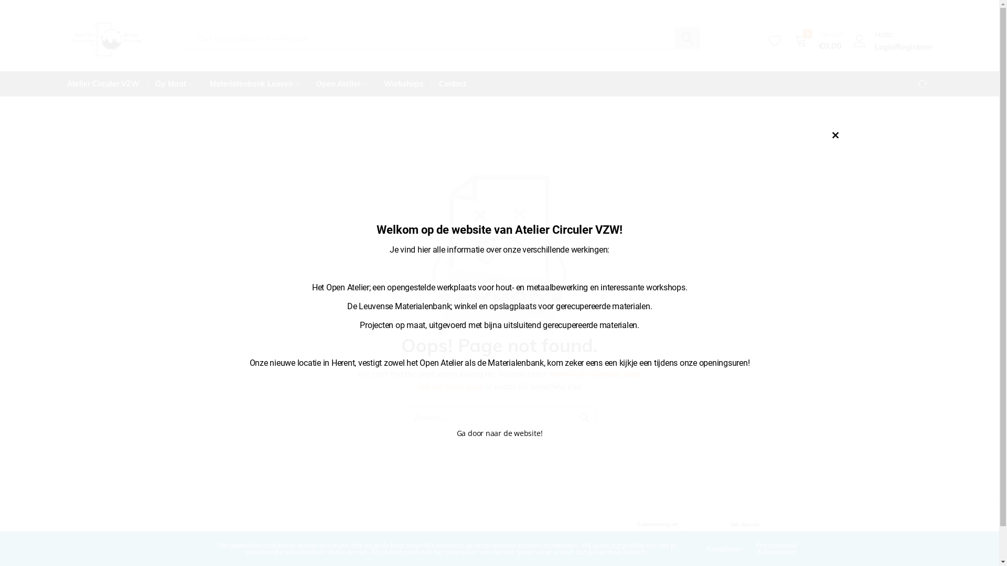 The image size is (1007, 566). Describe the element at coordinates (453, 83) in the screenshot. I see `'Contact'` at that location.